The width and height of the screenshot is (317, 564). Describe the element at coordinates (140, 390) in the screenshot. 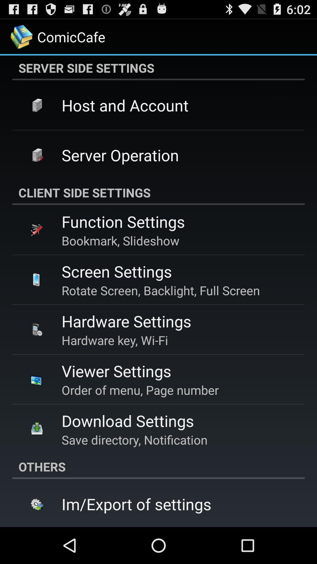

I see `the item below viewer settings item` at that location.